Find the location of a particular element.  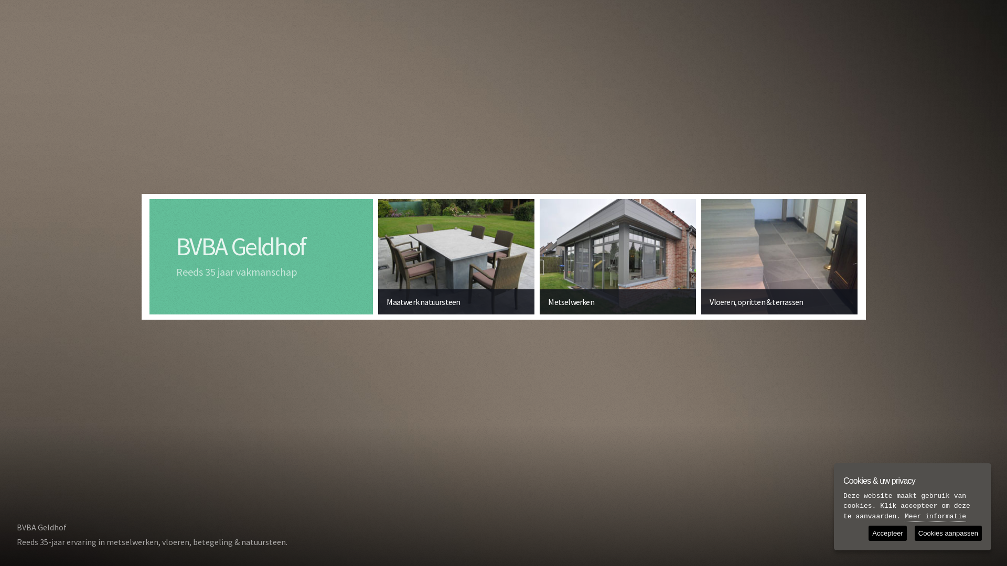

'Meer informatie' is located at coordinates (935, 517).